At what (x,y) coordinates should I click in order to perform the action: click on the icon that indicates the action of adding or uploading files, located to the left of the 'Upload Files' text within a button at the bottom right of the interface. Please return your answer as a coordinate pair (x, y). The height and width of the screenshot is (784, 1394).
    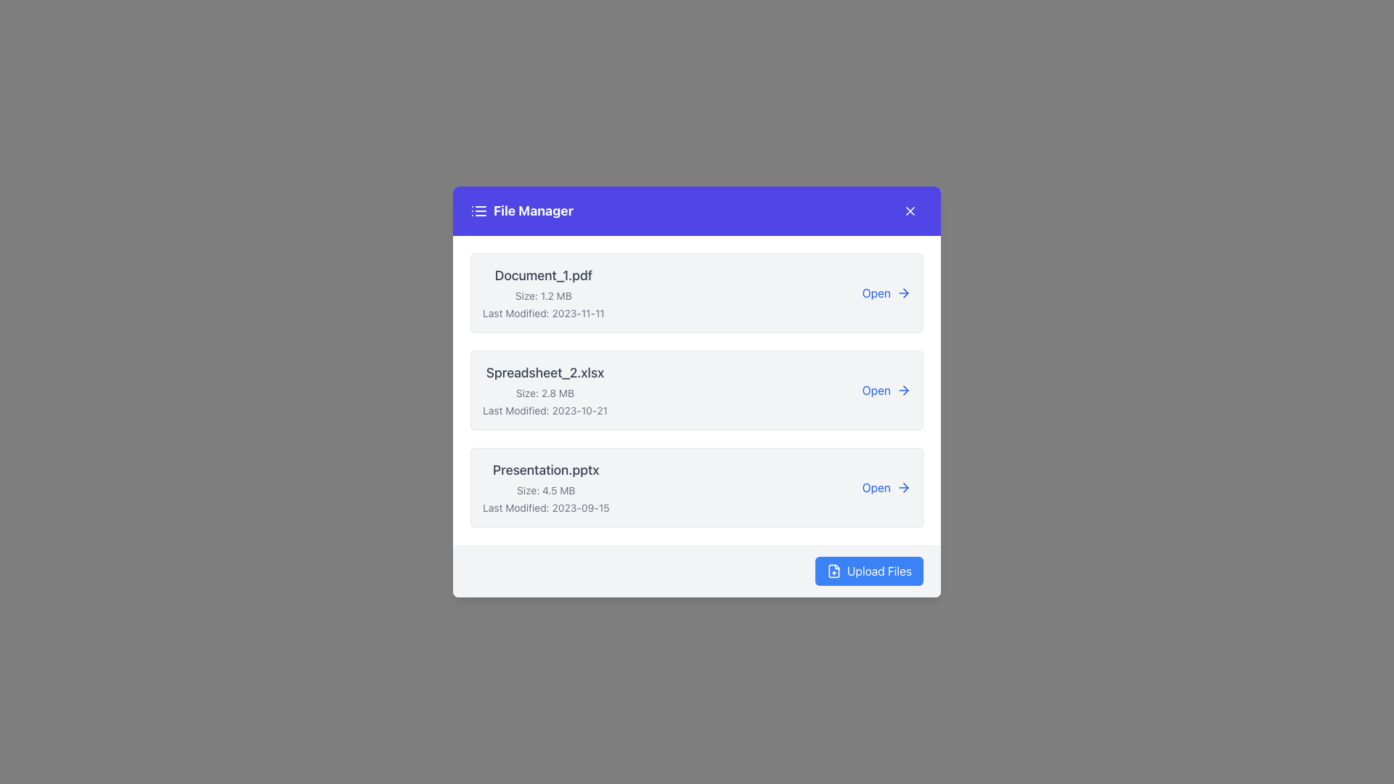
    Looking at the image, I should click on (833, 570).